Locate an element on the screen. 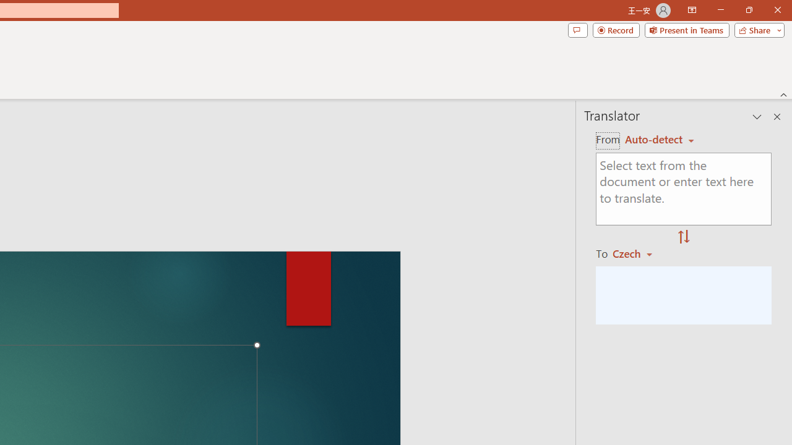  'Auto-detect' is located at coordinates (659, 139).